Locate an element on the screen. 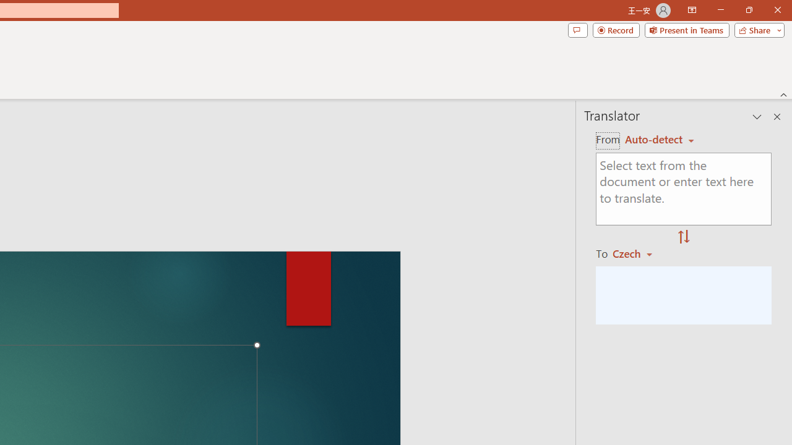  'Auto-detect' is located at coordinates (659, 139).